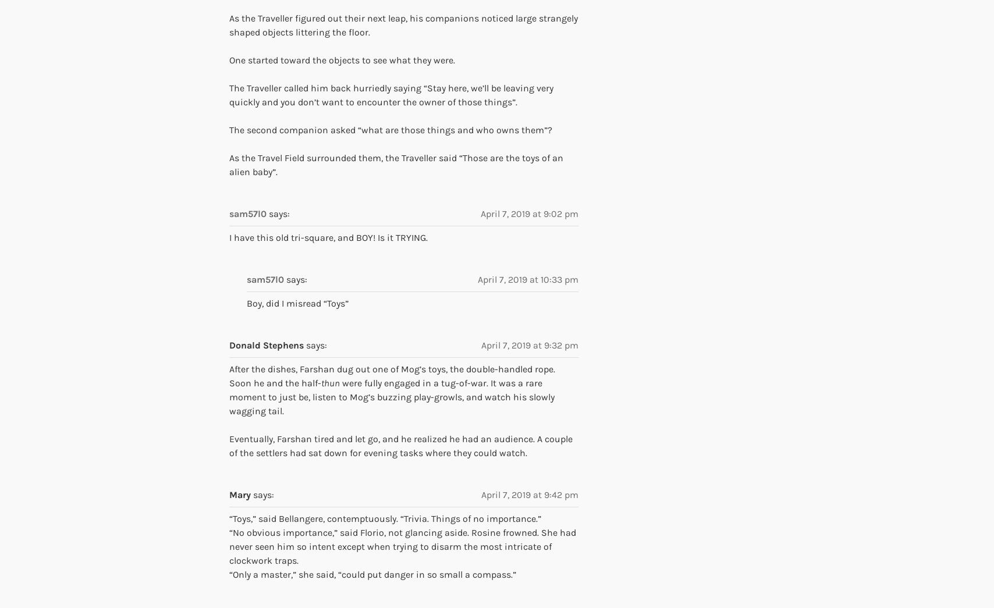 The height and width of the screenshot is (608, 994). Describe the element at coordinates (266, 344) in the screenshot. I see `'Donald Stephens'` at that location.